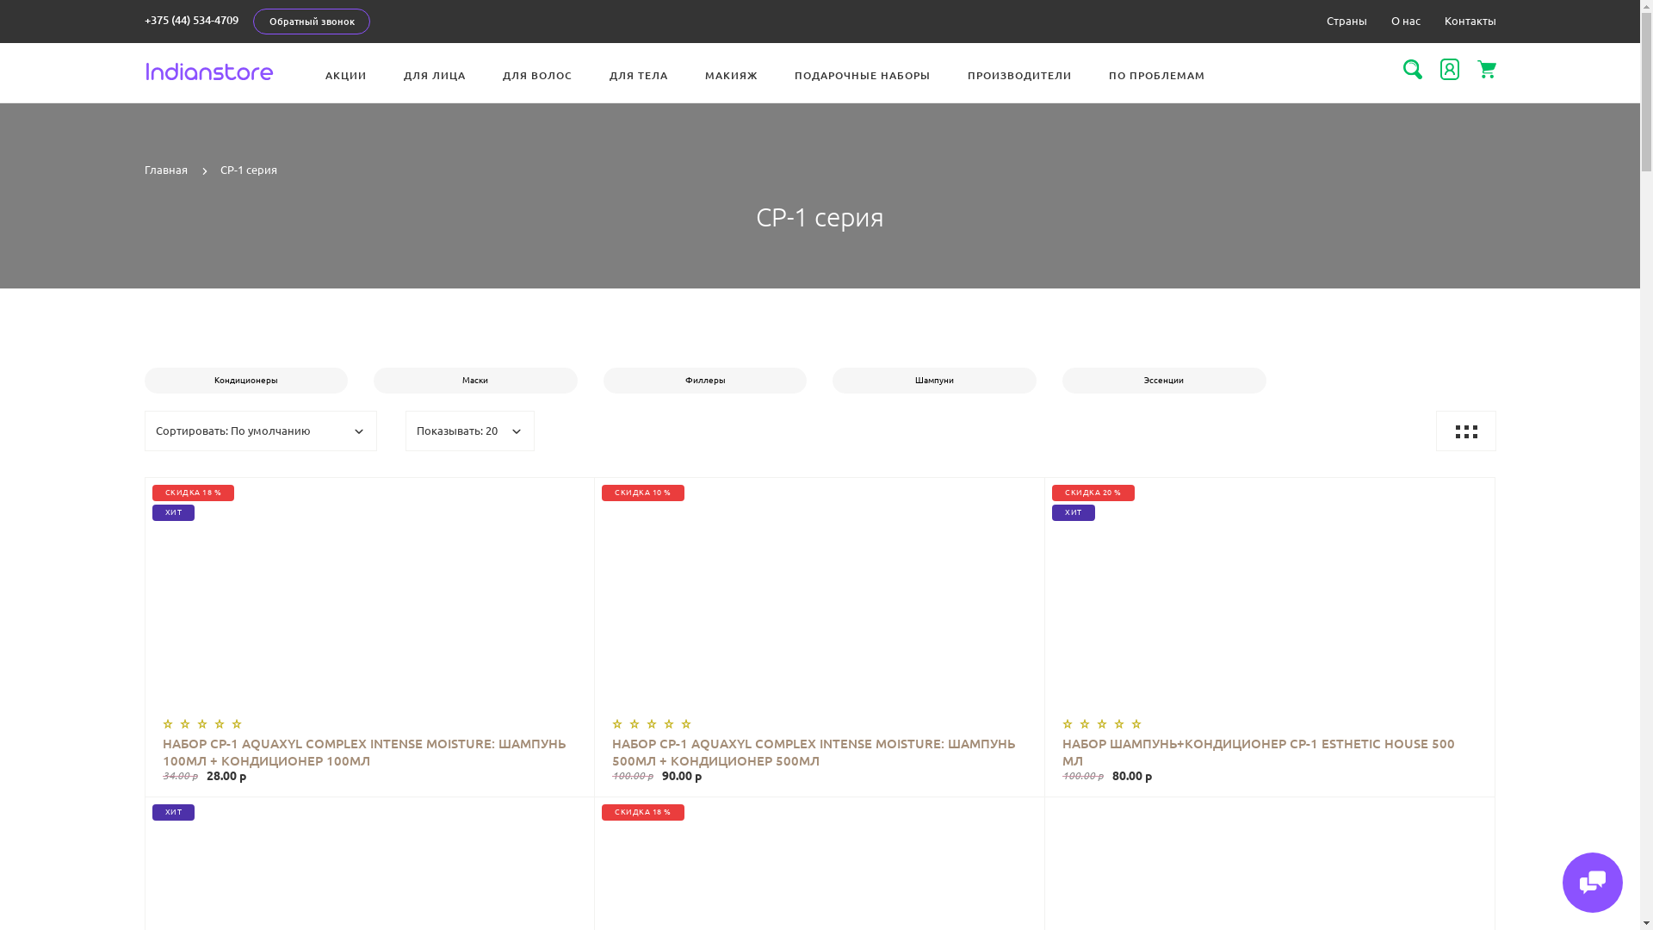 This screenshot has width=1653, height=930. I want to click on '+375 (44) 534-4709', so click(145, 20).